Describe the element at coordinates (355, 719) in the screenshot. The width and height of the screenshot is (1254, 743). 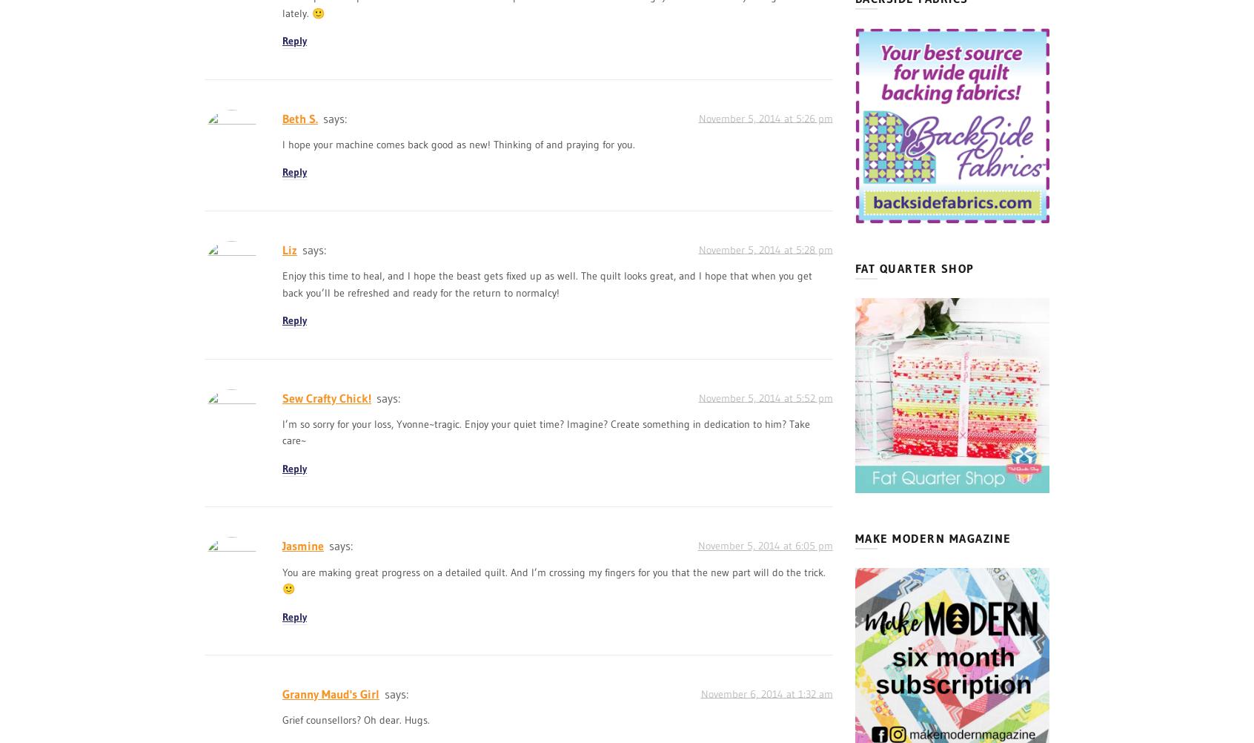
I see `'Grief counsellors? Oh dear. Hugs.'` at that location.